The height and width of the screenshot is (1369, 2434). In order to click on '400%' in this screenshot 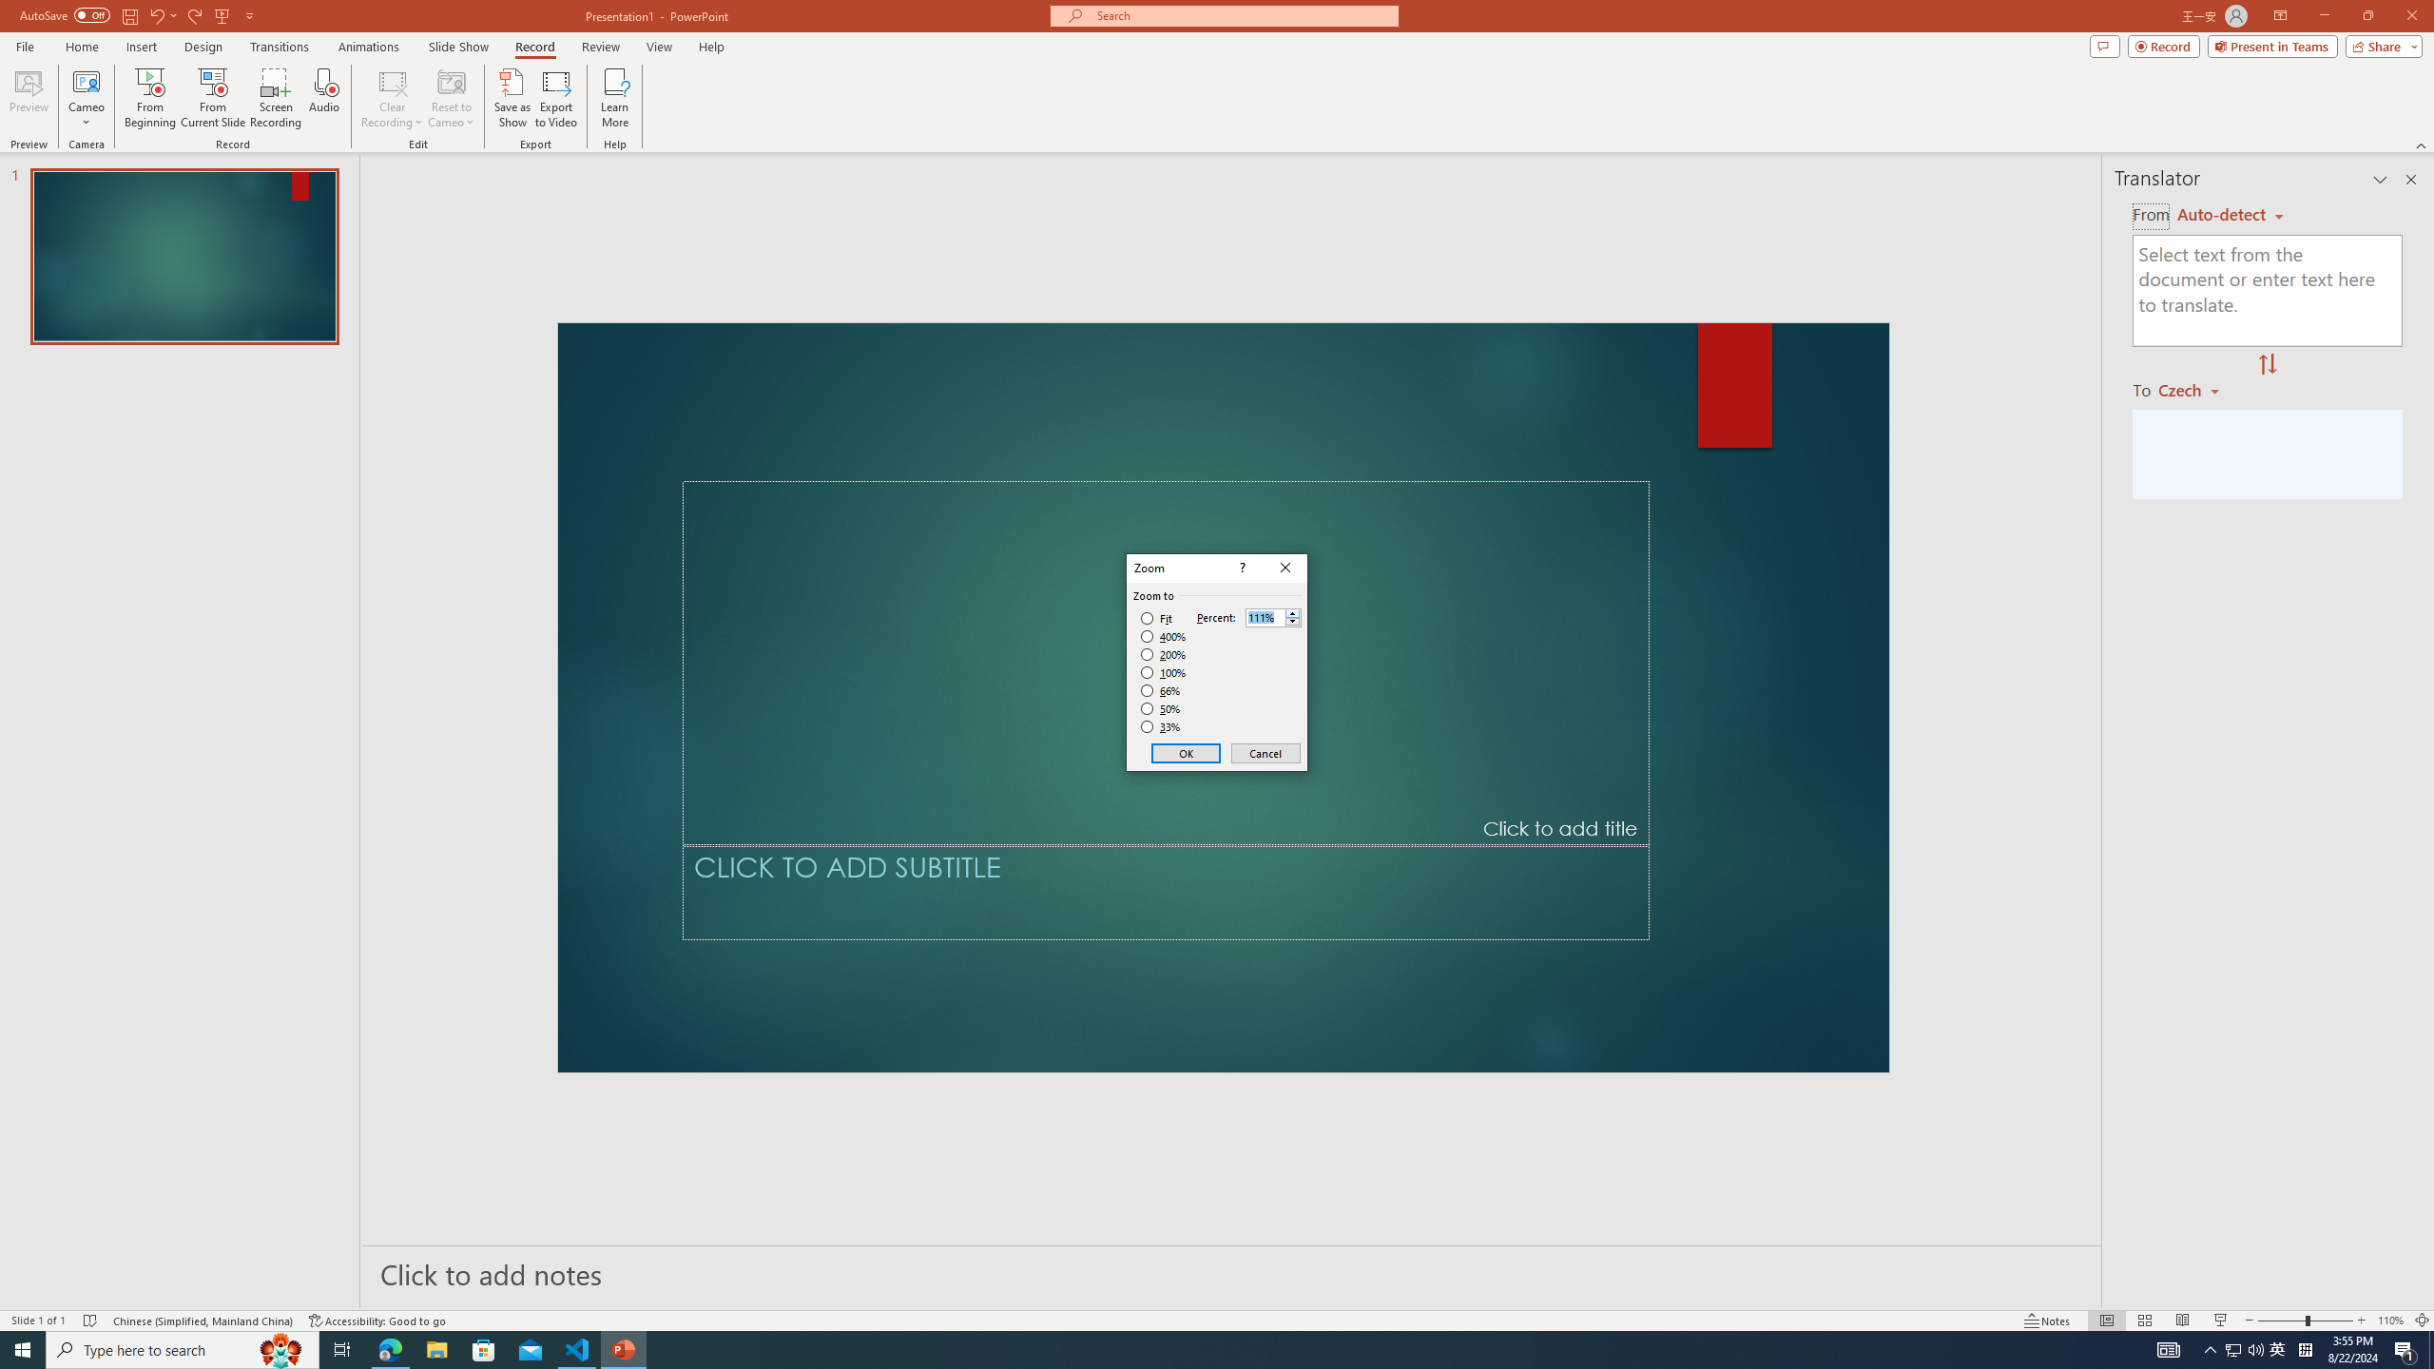, I will do `click(1163, 637)`.